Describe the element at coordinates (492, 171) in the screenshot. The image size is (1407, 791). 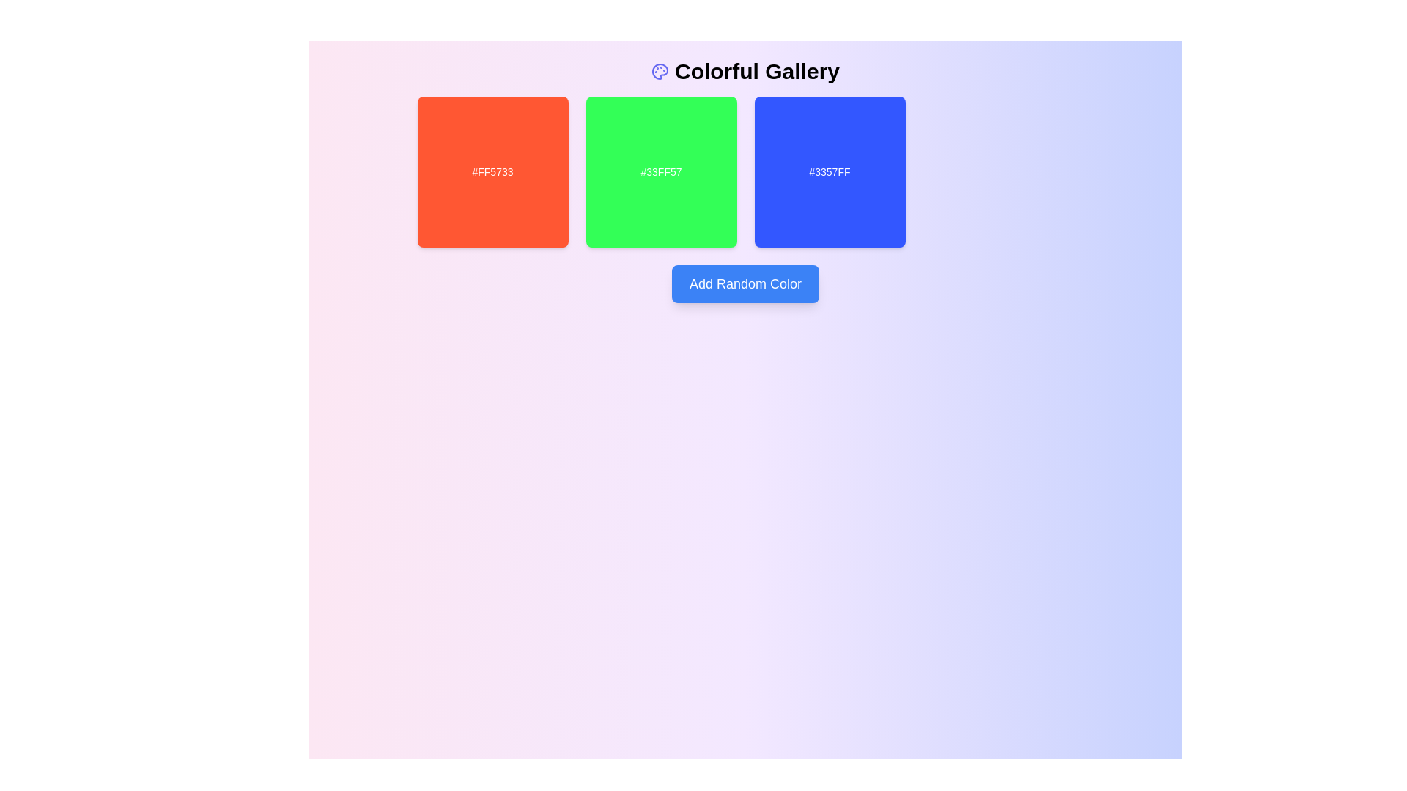
I see `the first color swatch representing the color #FF5733, located at the top left of the grid` at that location.